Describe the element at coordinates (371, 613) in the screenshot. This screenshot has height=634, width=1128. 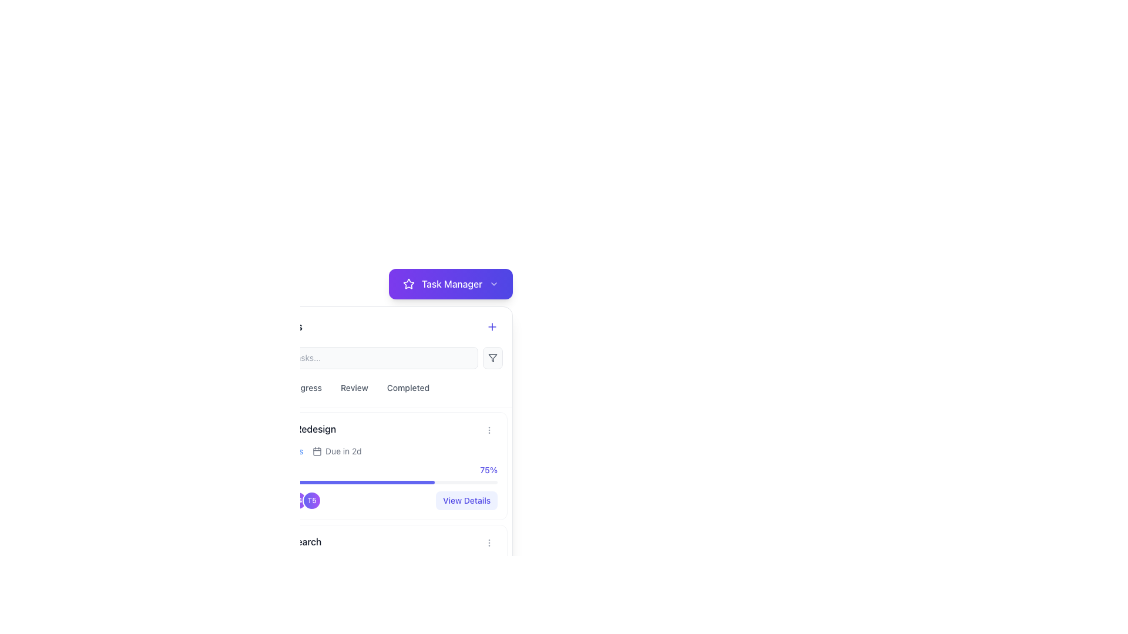
I see `the interactive button with three circular avatars and a 'View Details' button` at that location.